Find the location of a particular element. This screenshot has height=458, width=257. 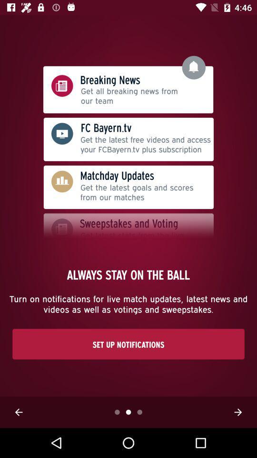

the arrow_backward icon is located at coordinates (19, 412).